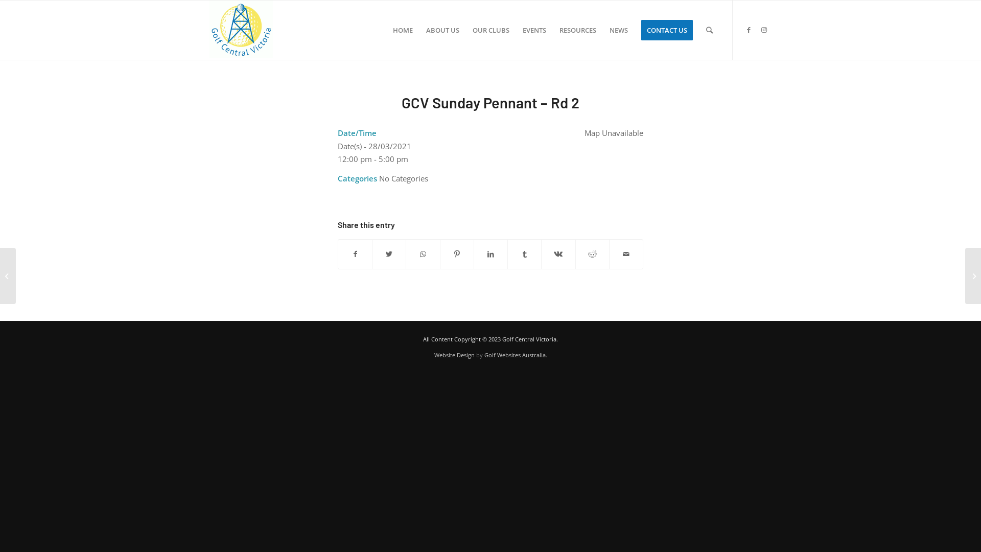 This screenshot has height=552, width=981. What do you see at coordinates (442, 29) in the screenshot?
I see `'ABOUT US'` at bounding box center [442, 29].